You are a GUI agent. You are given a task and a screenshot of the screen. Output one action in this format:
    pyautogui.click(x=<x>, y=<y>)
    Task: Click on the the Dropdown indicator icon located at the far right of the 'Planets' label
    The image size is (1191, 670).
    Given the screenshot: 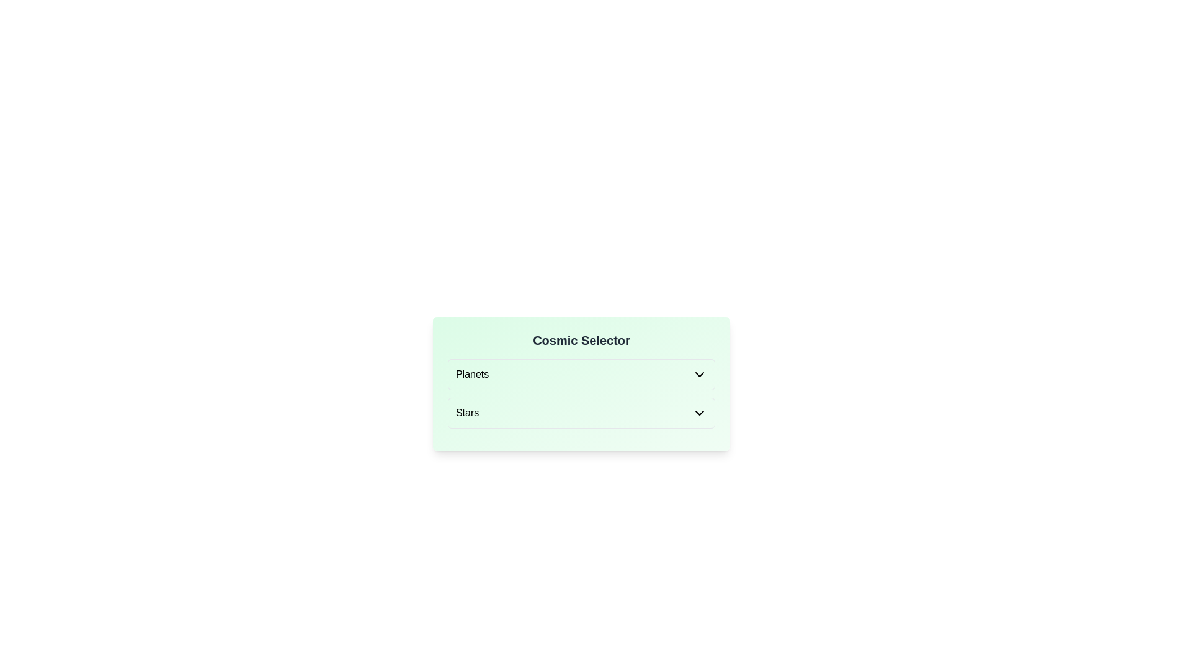 What is the action you would take?
    pyautogui.click(x=700, y=374)
    